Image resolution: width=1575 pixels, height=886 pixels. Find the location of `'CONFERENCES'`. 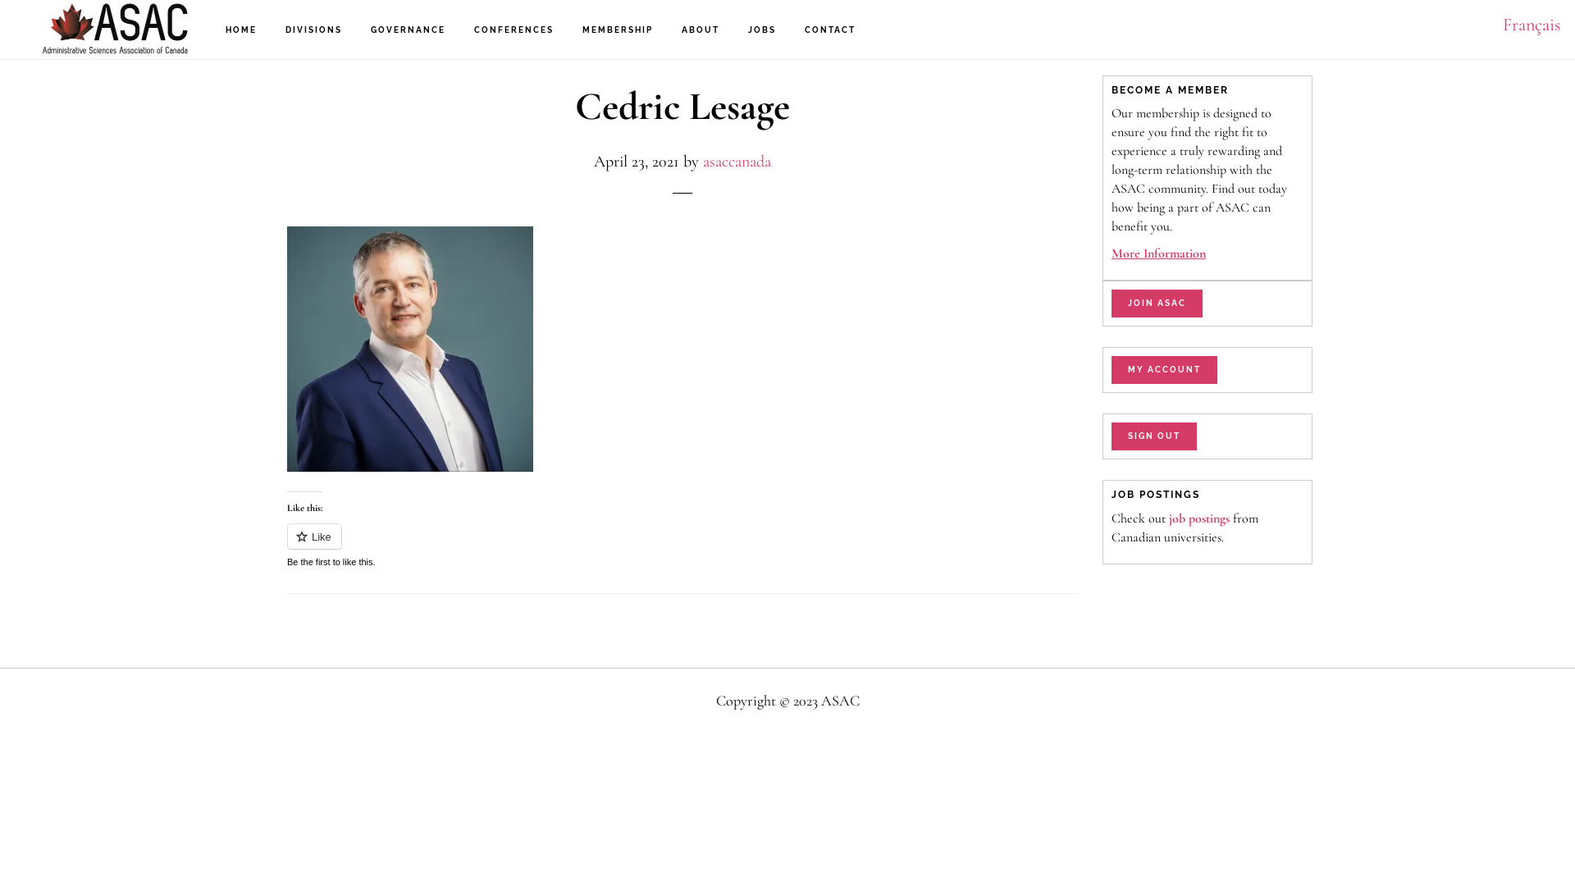

'CONFERENCES' is located at coordinates (513, 30).